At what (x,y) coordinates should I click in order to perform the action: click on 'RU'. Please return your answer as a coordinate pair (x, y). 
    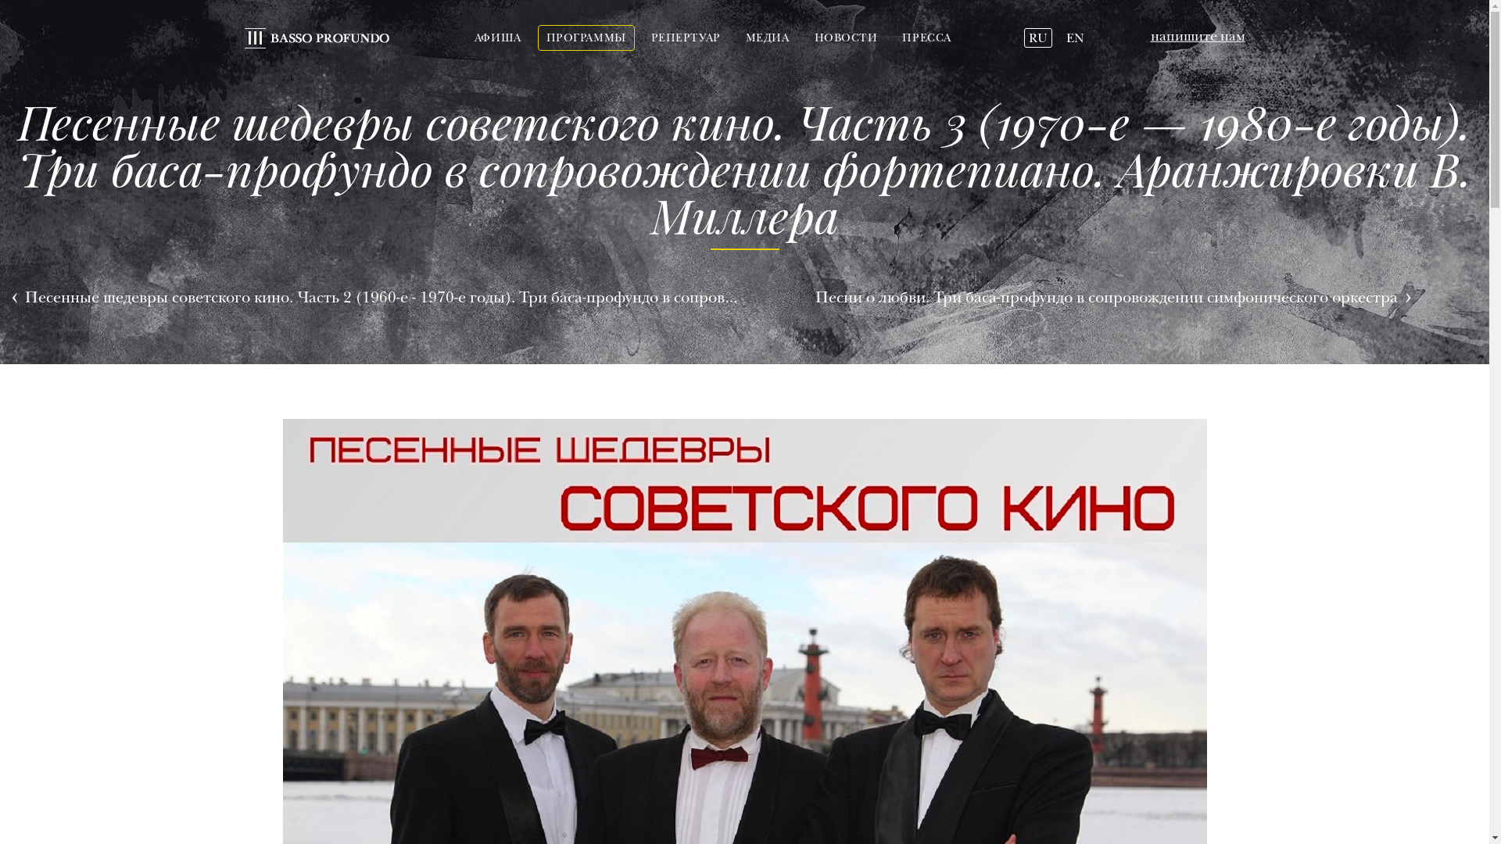
    Looking at the image, I should click on (1024, 38).